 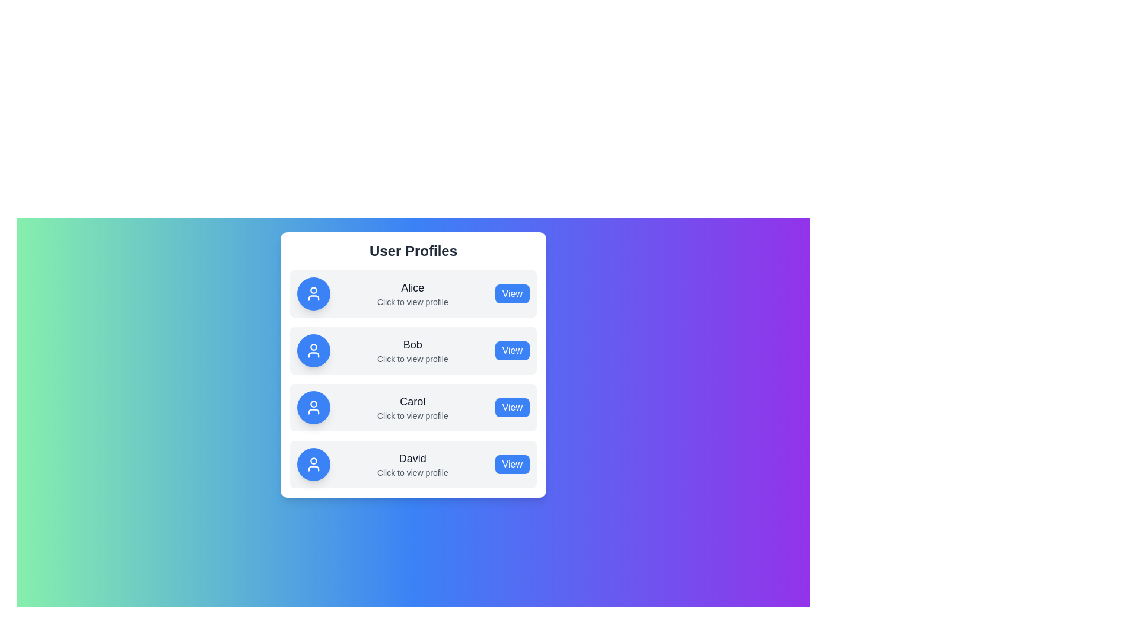 What do you see at coordinates (313, 468) in the screenshot?
I see `the lower section of the user icon, which serves as the body or torso silhouette, located within the SVG structure in the fourth user profile row` at bounding box center [313, 468].